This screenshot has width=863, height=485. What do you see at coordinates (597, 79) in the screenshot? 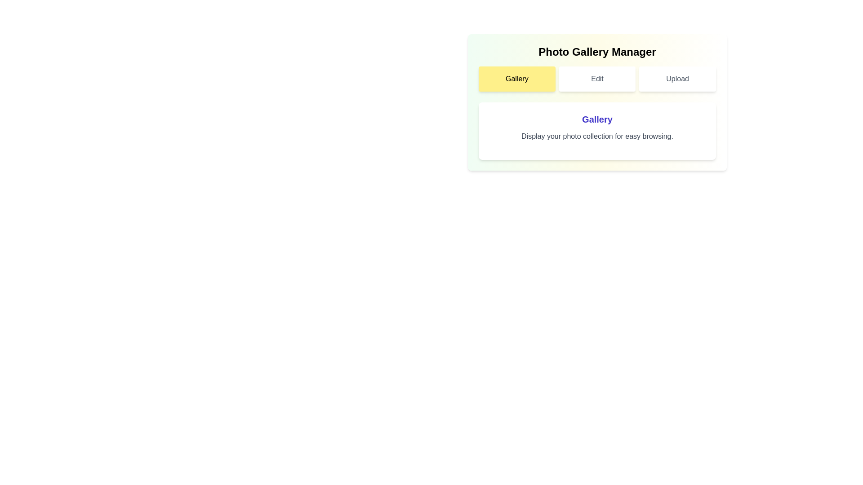
I see `the 'Edit' button with rounded corners and a white background located in the middle of three buttons labeled 'Gallery', 'Edit', and 'Upload'` at bounding box center [597, 79].